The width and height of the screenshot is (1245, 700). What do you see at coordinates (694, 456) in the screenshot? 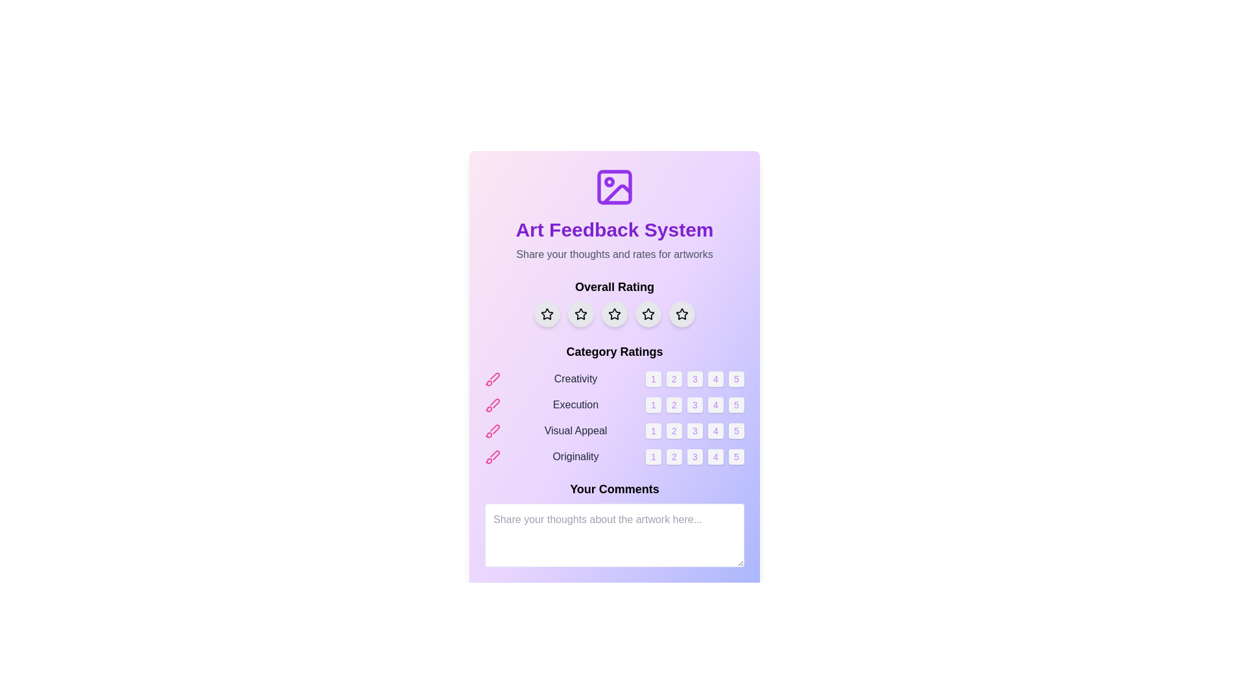
I see `the third button in the horizontally aligned set of five buttons under the 'Originality' label` at bounding box center [694, 456].